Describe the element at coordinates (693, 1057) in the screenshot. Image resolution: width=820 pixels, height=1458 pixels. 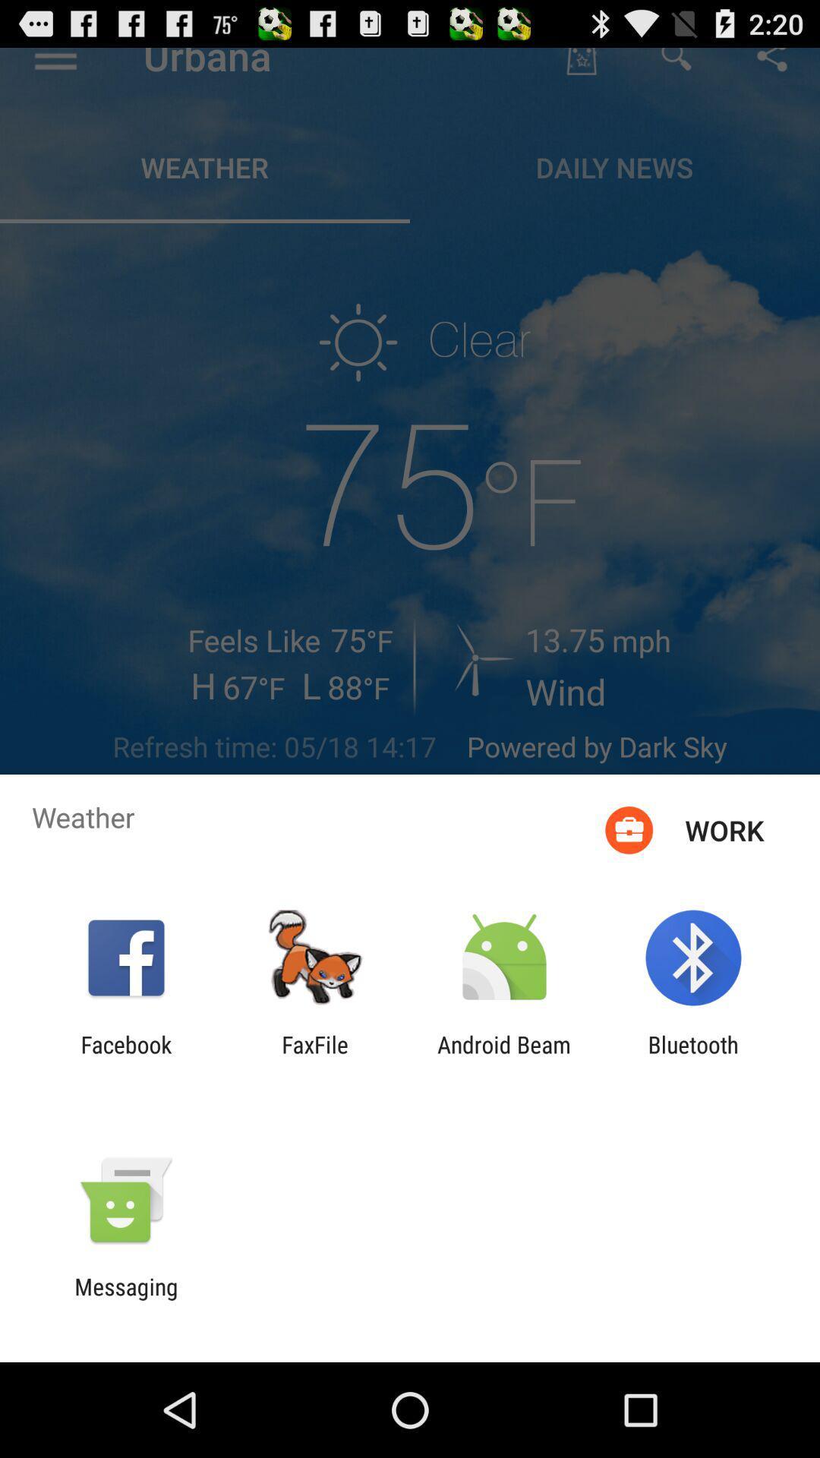
I see `app to the right of the android beam app` at that location.